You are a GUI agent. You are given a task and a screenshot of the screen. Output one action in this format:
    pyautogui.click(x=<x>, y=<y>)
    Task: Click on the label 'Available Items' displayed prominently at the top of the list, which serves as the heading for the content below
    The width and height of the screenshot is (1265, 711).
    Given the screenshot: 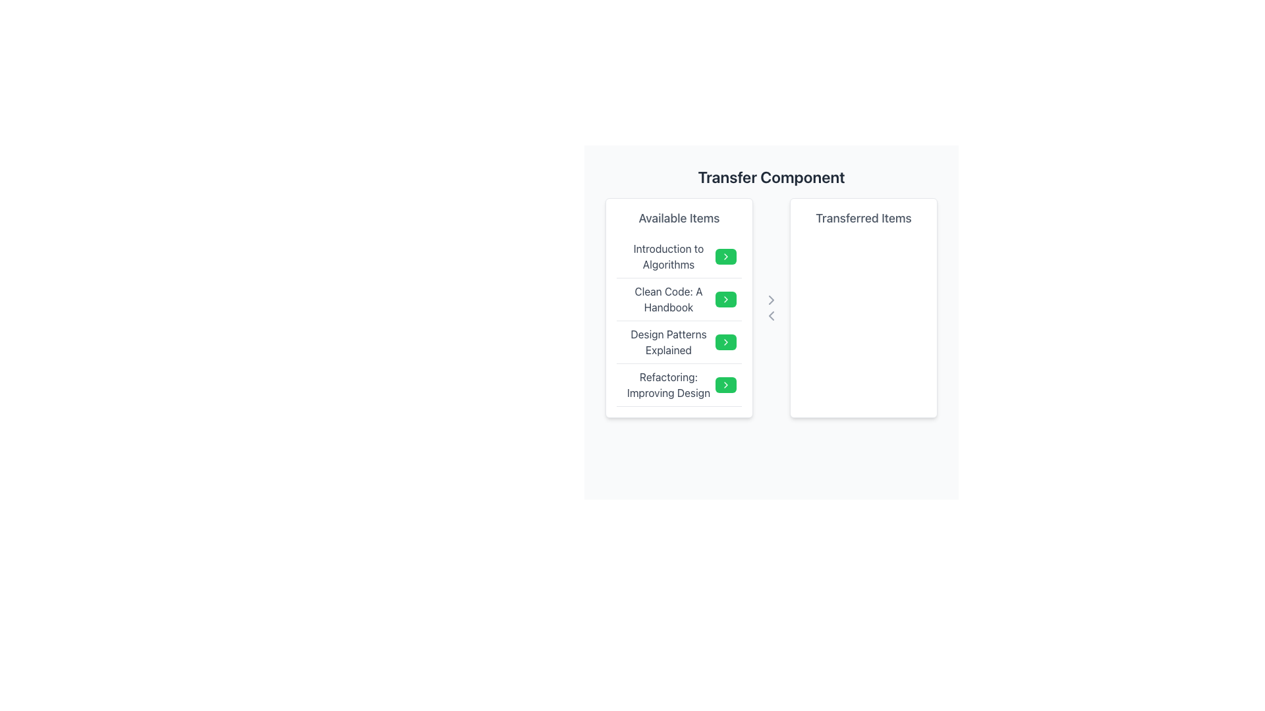 What is the action you would take?
    pyautogui.click(x=679, y=217)
    